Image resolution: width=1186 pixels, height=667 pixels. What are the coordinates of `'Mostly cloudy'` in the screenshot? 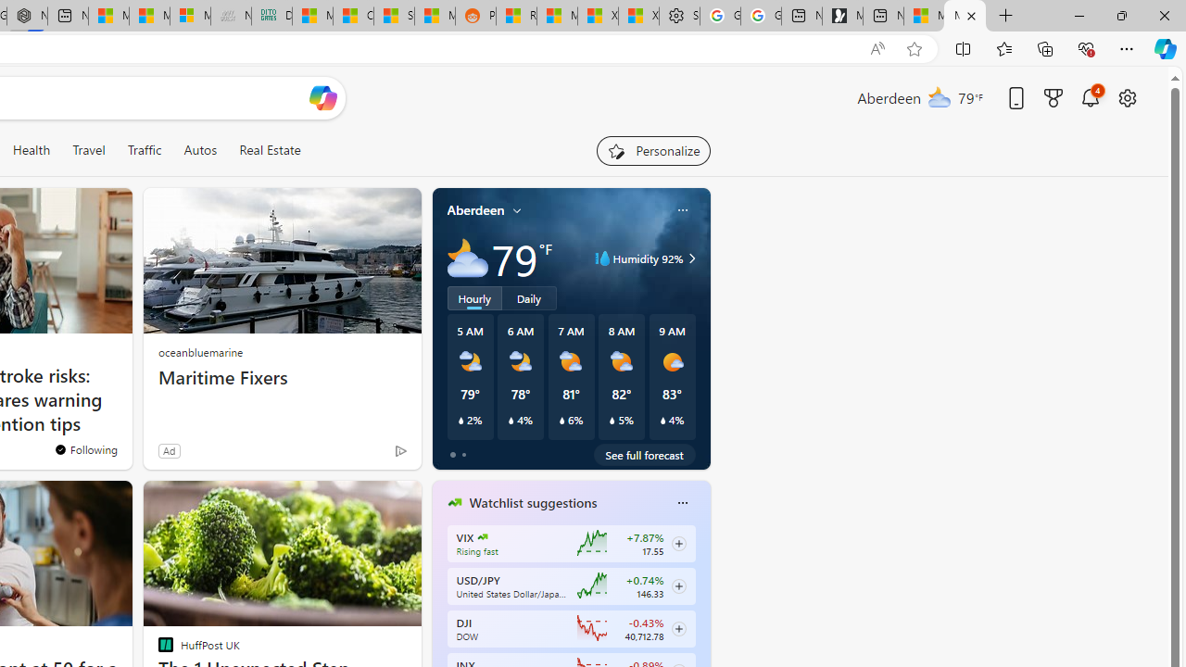 It's located at (467, 258).